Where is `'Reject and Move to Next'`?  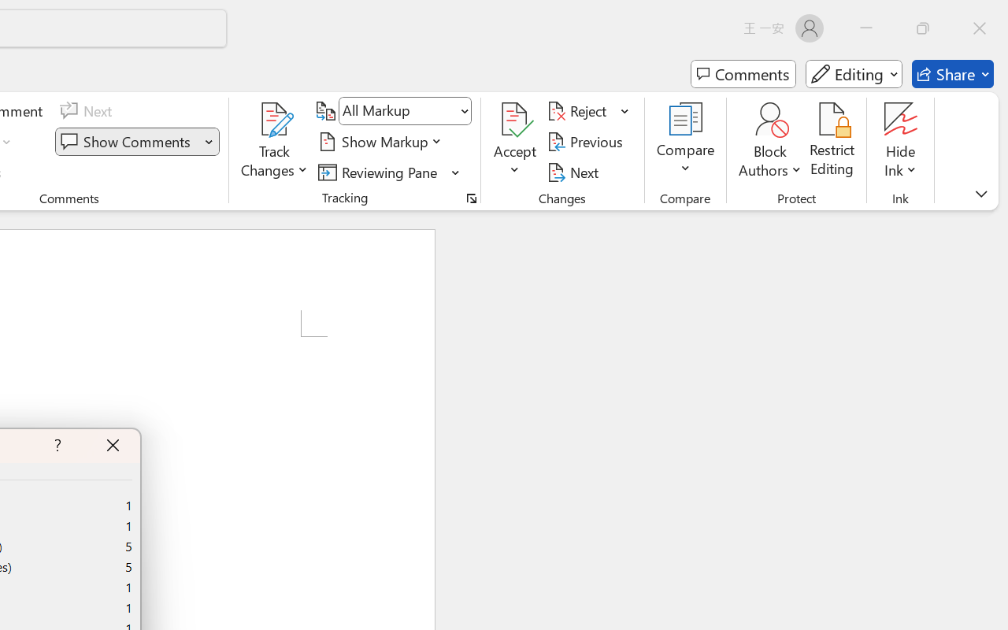 'Reject and Move to Next' is located at coordinates (579, 111).